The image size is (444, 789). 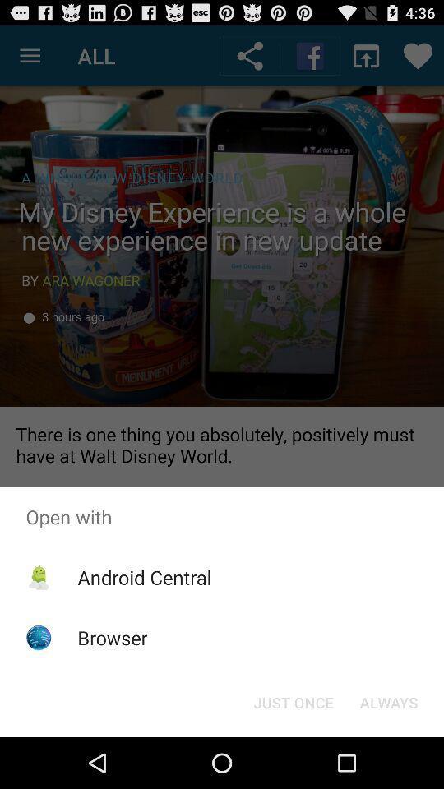 What do you see at coordinates (293, 701) in the screenshot?
I see `just once at the bottom` at bounding box center [293, 701].